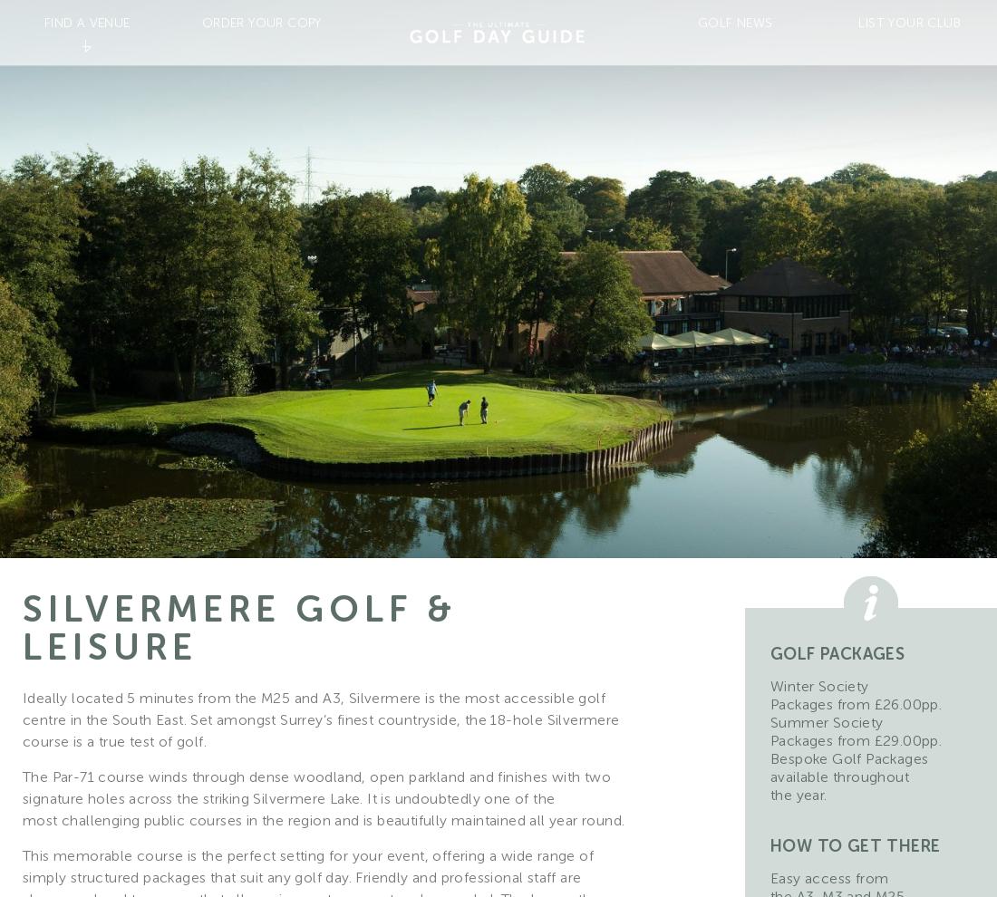 Image resolution: width=997 pixels, height=897 pixels. What do you see at coordinates (323, 798) in the screenshot?
I see `'The Par-71 course winds through dense woodland, open parkland and finishes with two signature holes across the striking Silvermere Lake. It is undoubtedly one of the most challenging public courses in the region and is beautifully maintained all year round.'` at bounding box center [323, 798].